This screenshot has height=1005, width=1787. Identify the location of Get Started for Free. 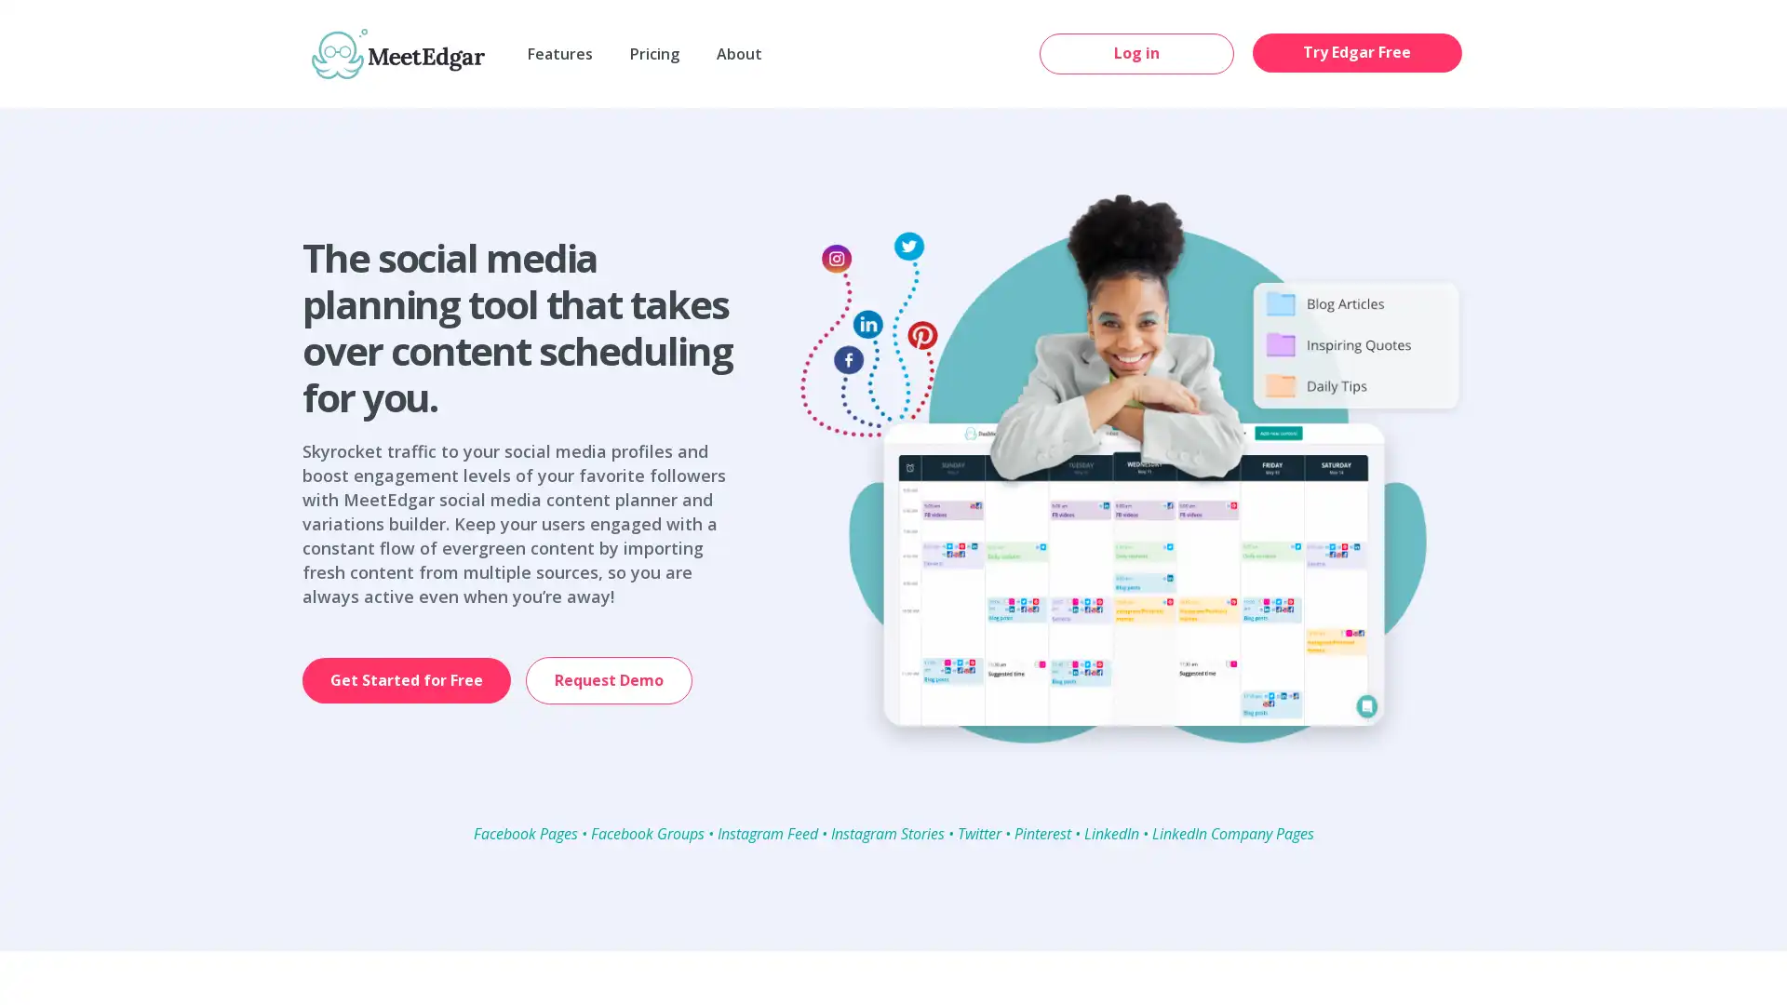
(405, 680).